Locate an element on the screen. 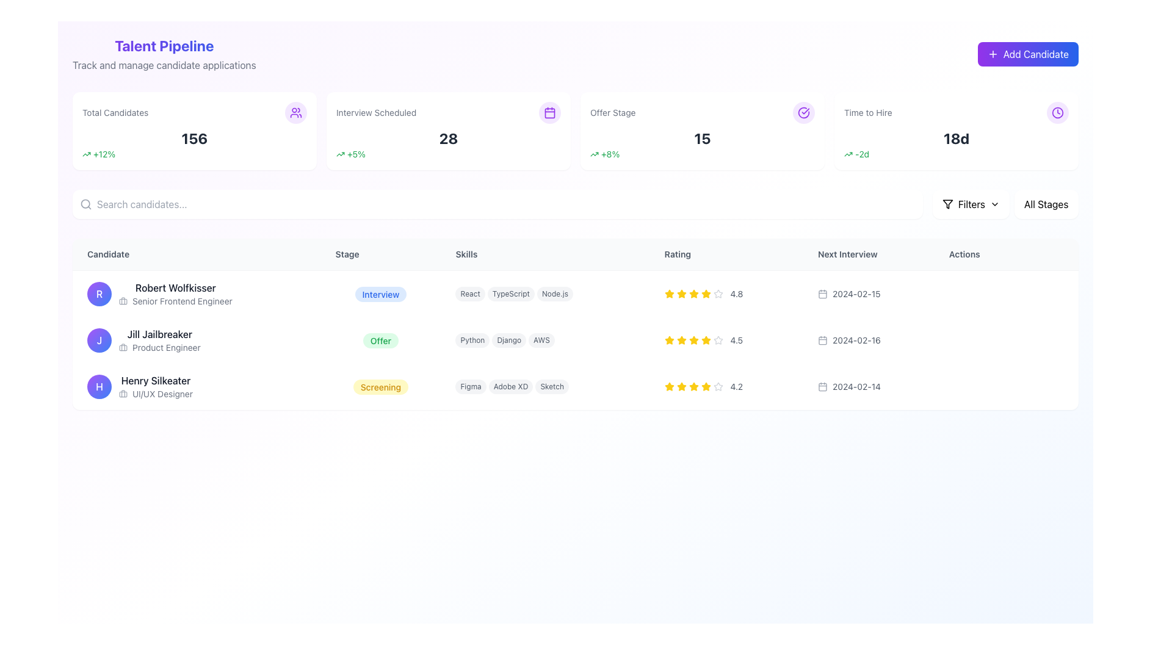 This screenshot has height=659, width=1172. the Text label displaying '28' in bold, large dark gray font, located in the second card under the title 'Interview Scheduled' is located at coordinates (447, 138).